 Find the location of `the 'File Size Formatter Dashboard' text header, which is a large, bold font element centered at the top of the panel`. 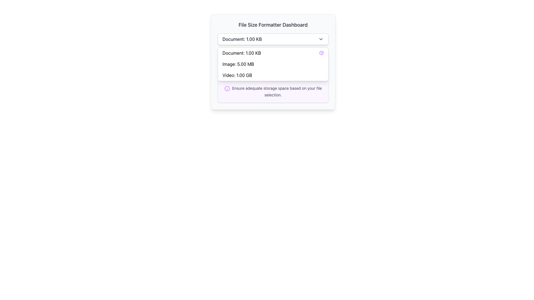

the 'File Size Formatter Dashboard' text header, which is a large, bold font element centered at the top of the panel is located at coordinates (273, 24).